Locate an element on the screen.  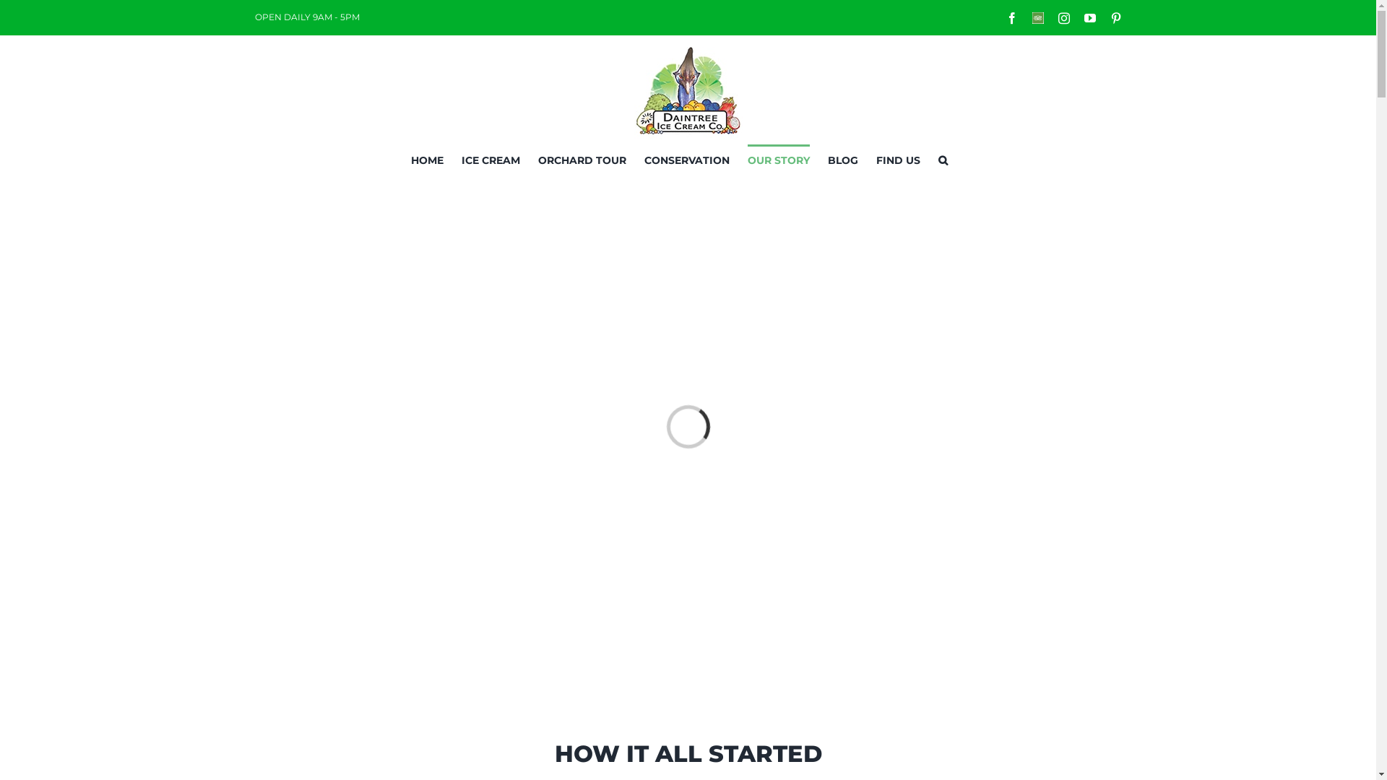
'HOME' is located at coordinates (425, 158).